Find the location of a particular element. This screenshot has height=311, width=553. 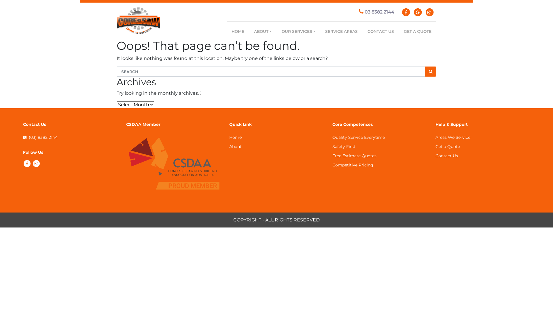

'GET A QUOTE' is located at coordinates (417, 31).